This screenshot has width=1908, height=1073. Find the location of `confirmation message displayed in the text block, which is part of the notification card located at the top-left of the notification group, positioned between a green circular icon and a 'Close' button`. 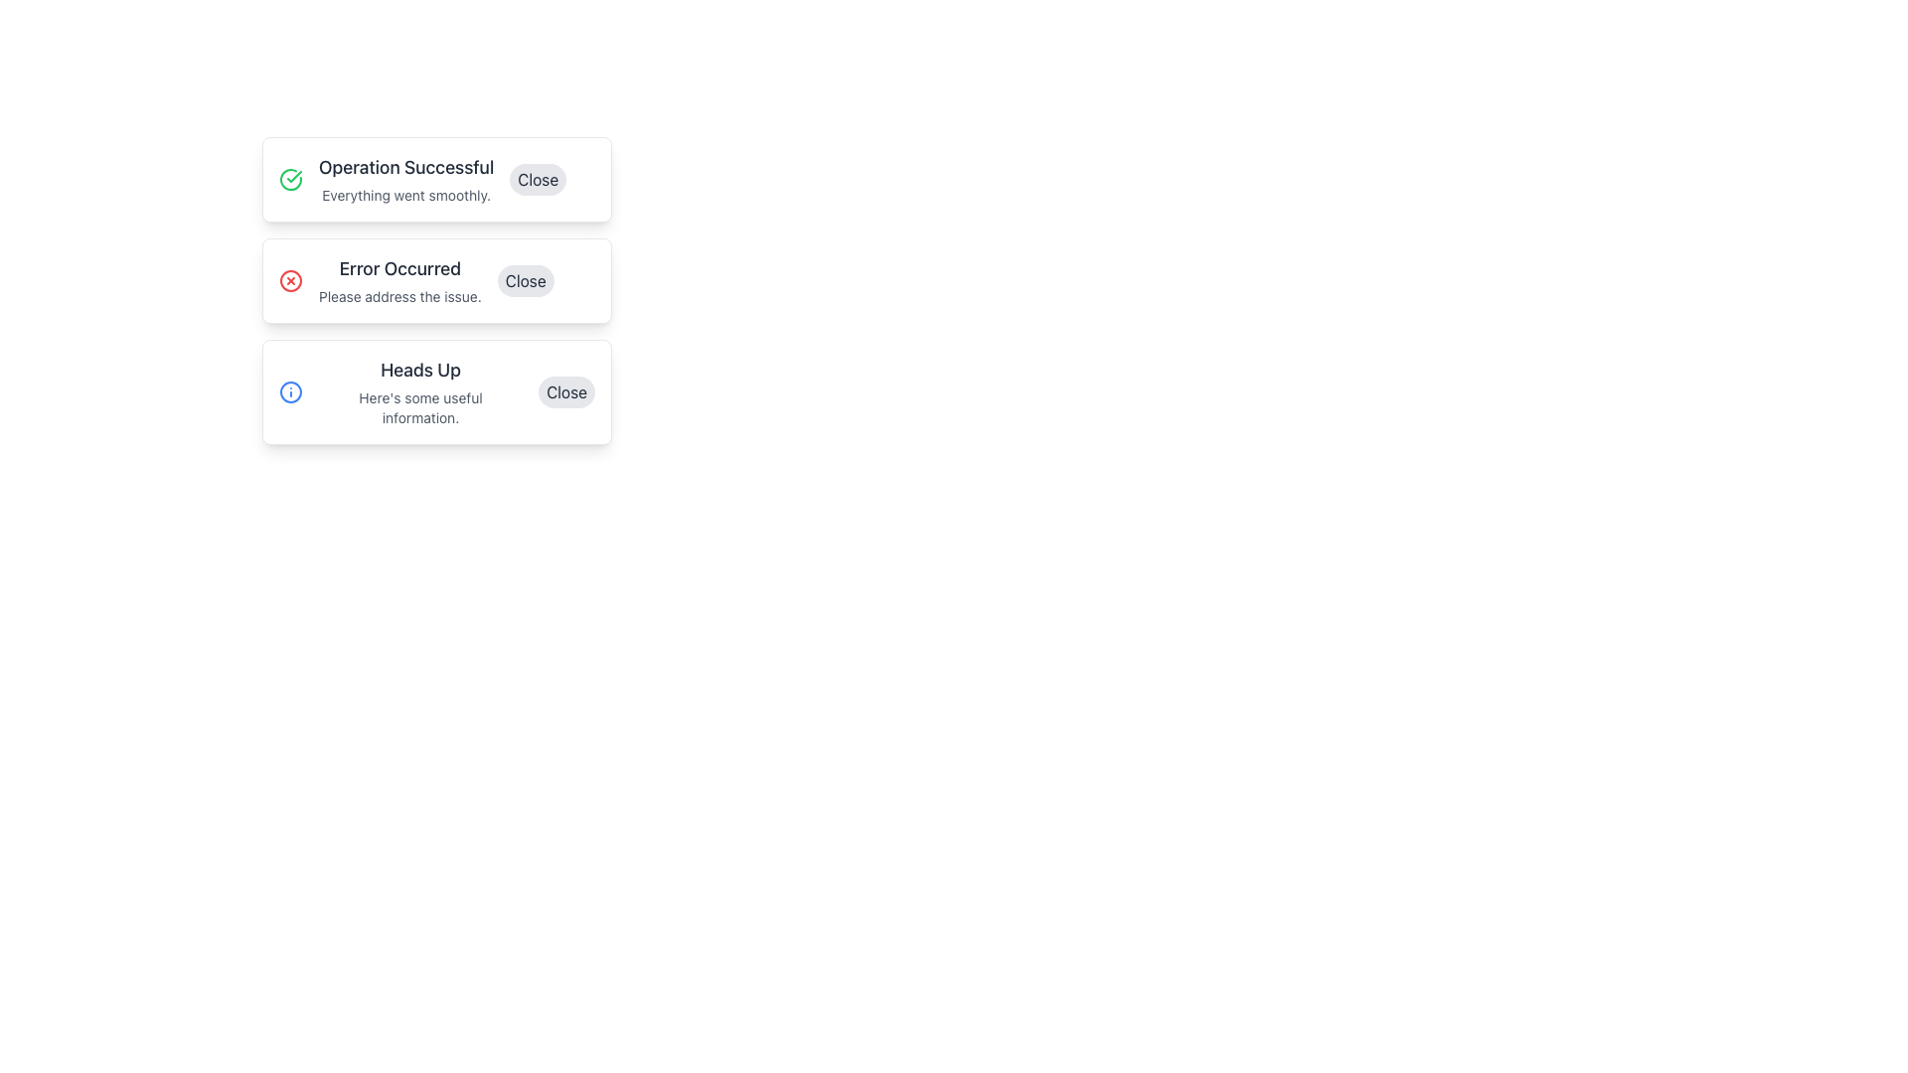

confirmation message displayed in the text block, which is part of the notification card located at the top-left of the notification group, positioned between a green circular icon and a 'Close' button is located at coordinates (405, 180).